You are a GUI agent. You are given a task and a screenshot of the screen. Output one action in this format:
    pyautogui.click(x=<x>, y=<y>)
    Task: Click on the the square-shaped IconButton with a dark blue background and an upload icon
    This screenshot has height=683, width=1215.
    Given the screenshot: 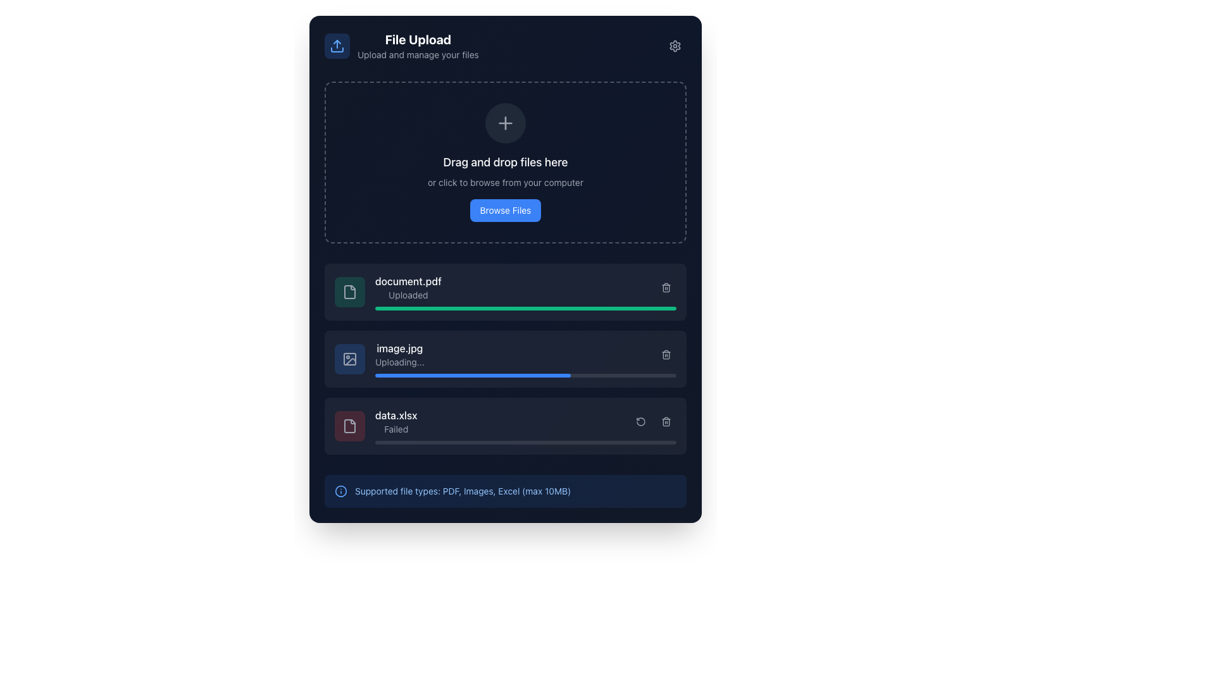 What is the action you would take?
    pyautogui.click(x=337, y=46)
    